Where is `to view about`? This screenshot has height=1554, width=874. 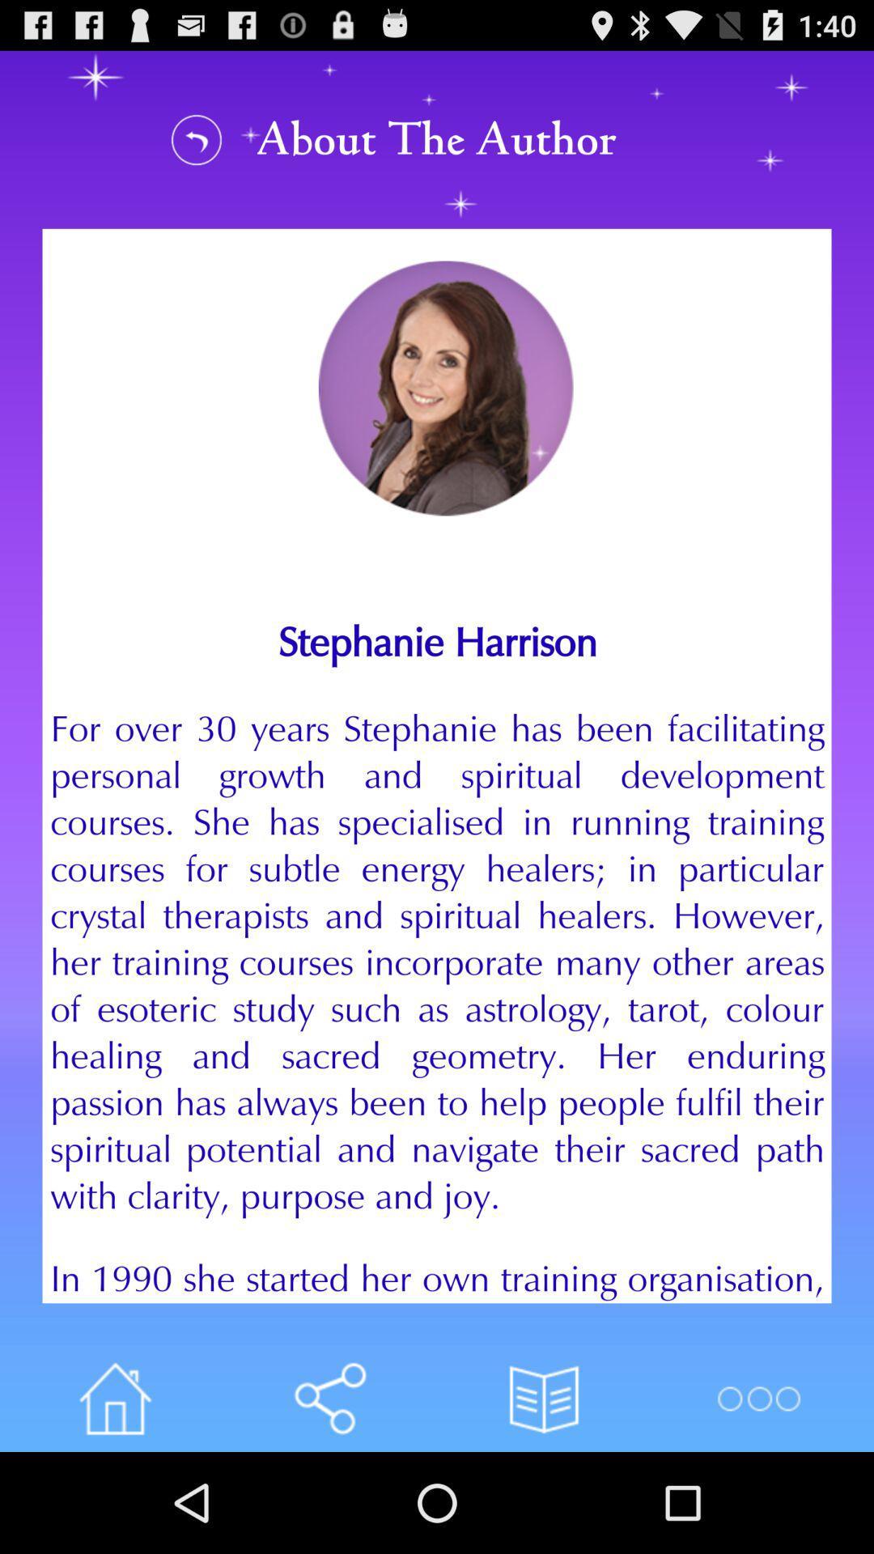
to view about is located at coordinates (196, 139).